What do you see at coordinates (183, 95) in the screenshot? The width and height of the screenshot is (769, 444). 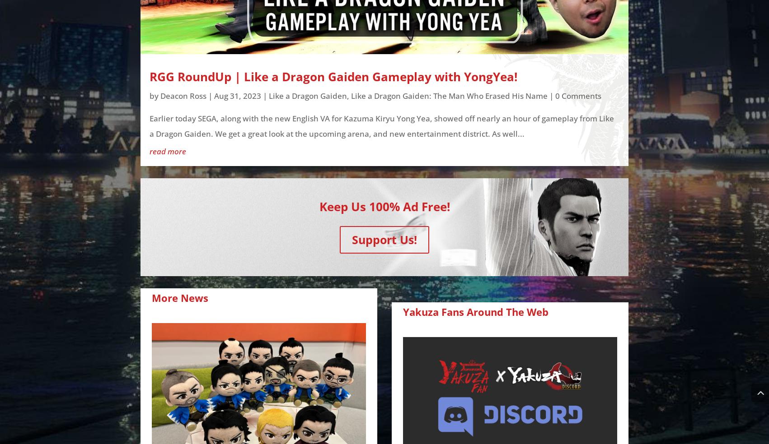 I see `'Deacon Ross'` at bounding box center [183, 95].